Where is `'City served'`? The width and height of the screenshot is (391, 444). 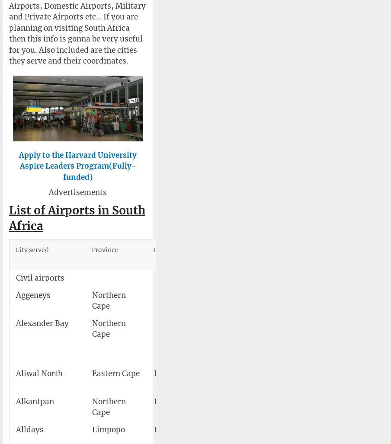
'City served' is located at coordinates (32, 249).